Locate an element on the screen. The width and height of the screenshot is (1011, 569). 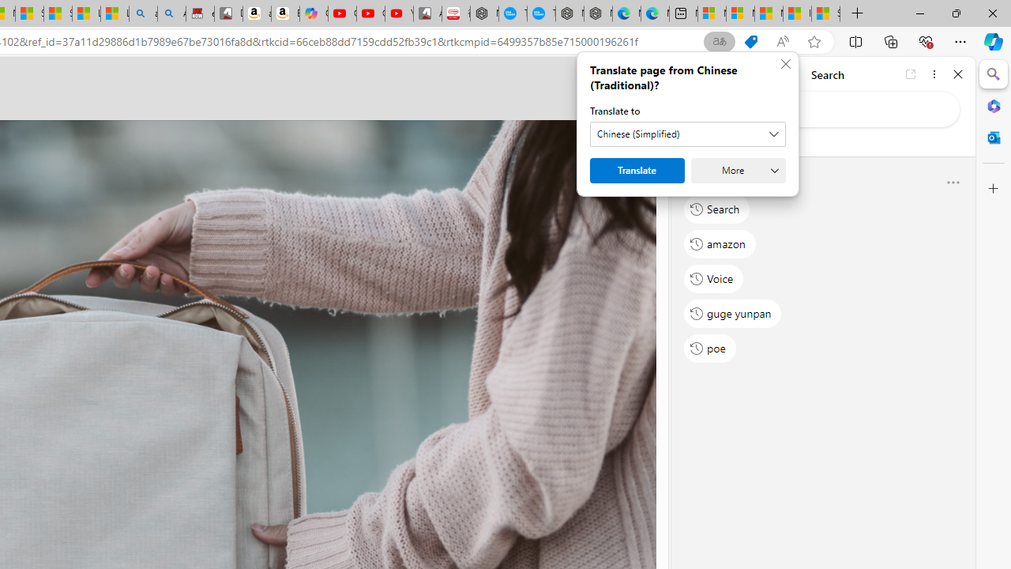
'I Gained 20 Pounds of Muscle in 30 Days! | Watch' is located at coordinates (797, 13).